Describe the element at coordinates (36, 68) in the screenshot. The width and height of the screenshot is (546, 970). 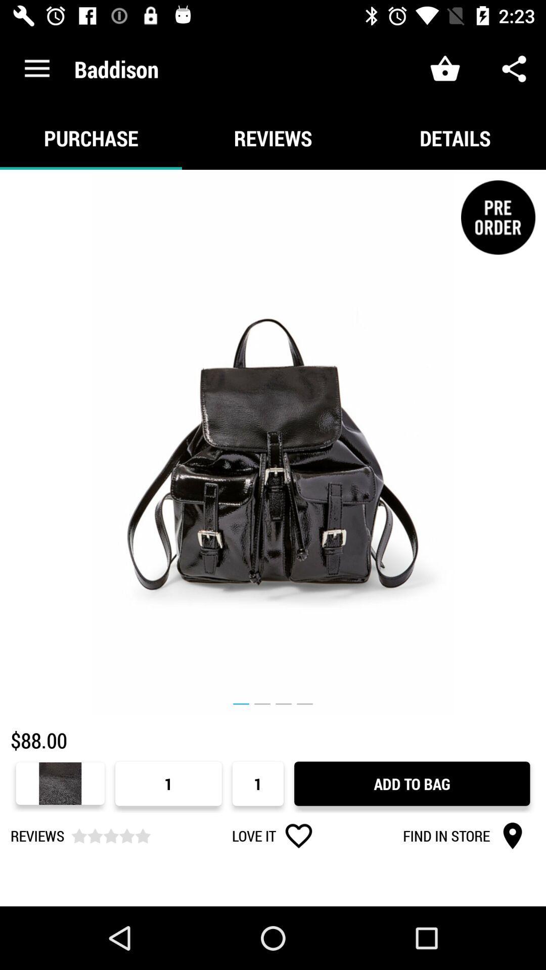
I see `the icon to the left of the baddison` at that location.